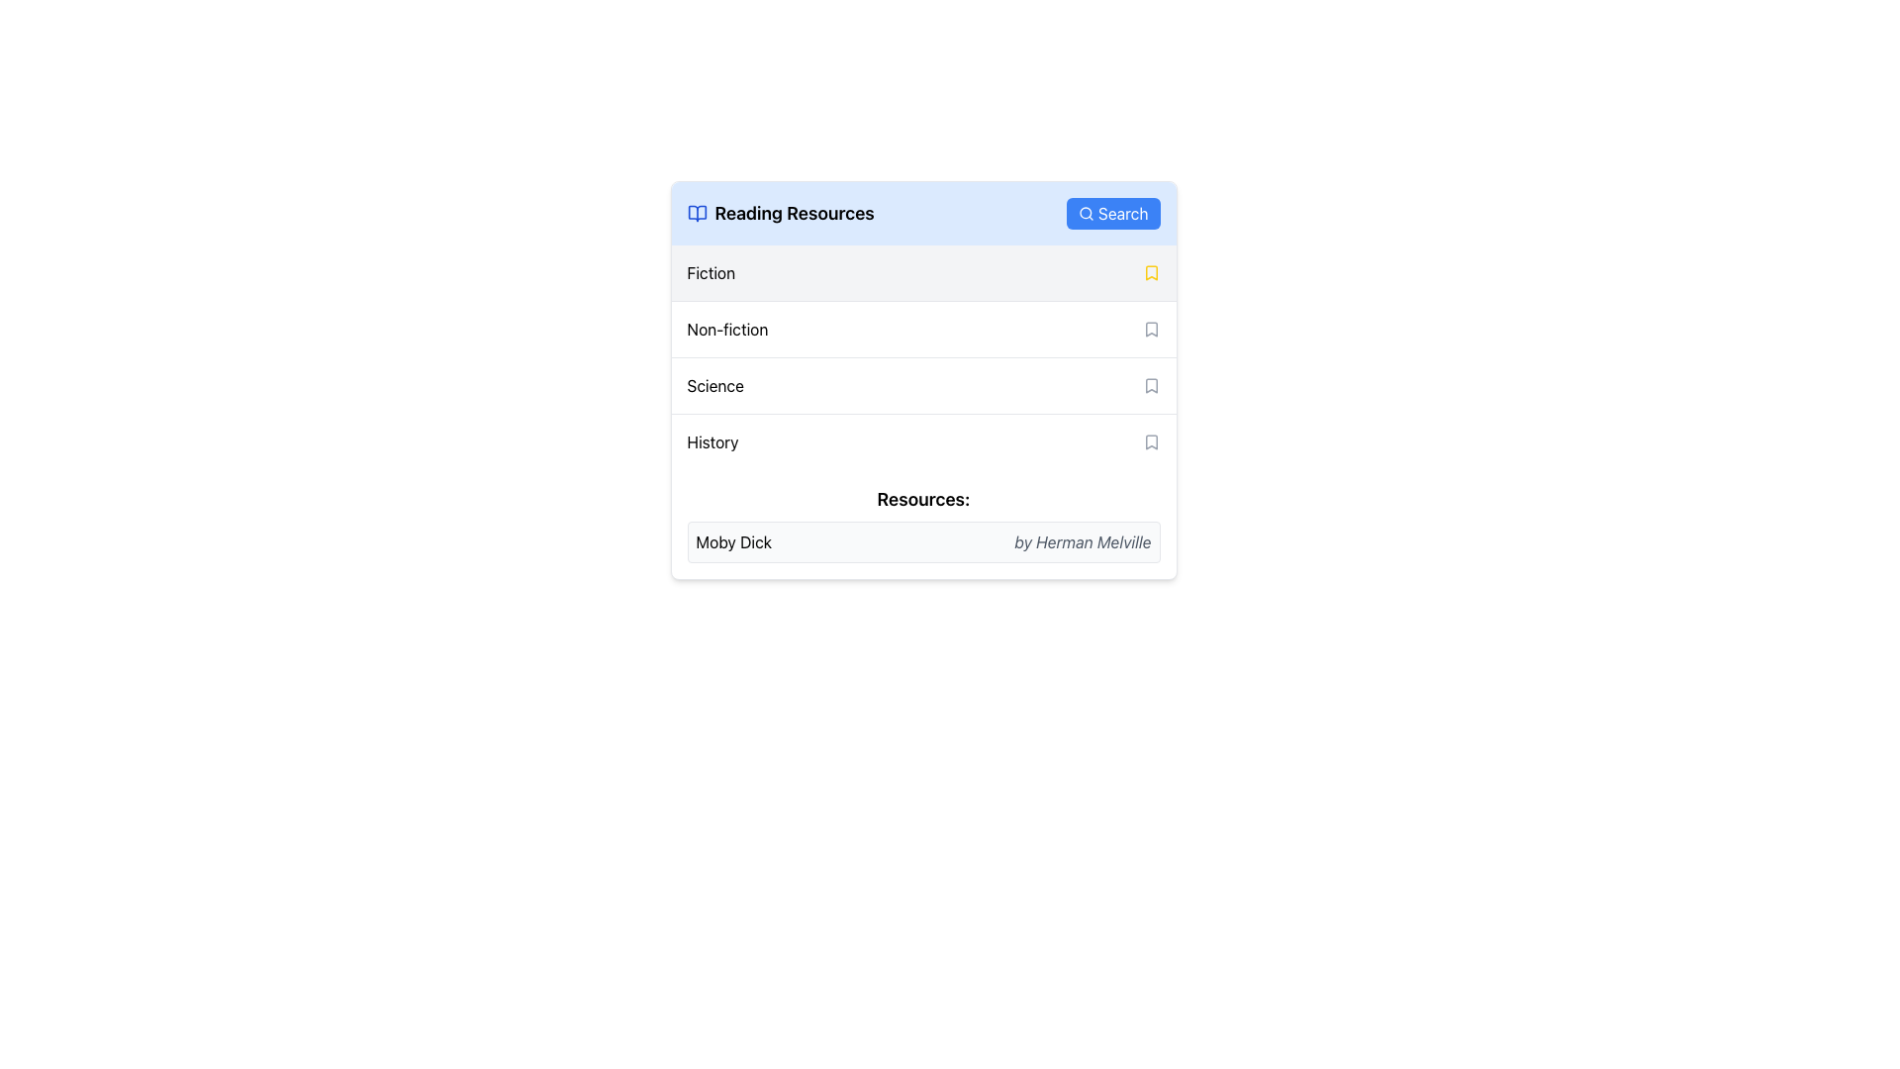  Describe the element at coordinates (1086, 214) in the screenshot. I see `the search button located in the top-right corner of the 'Reading Resources' panel, which contains a search SVG icon to the left of the 'Search' text` at that location.